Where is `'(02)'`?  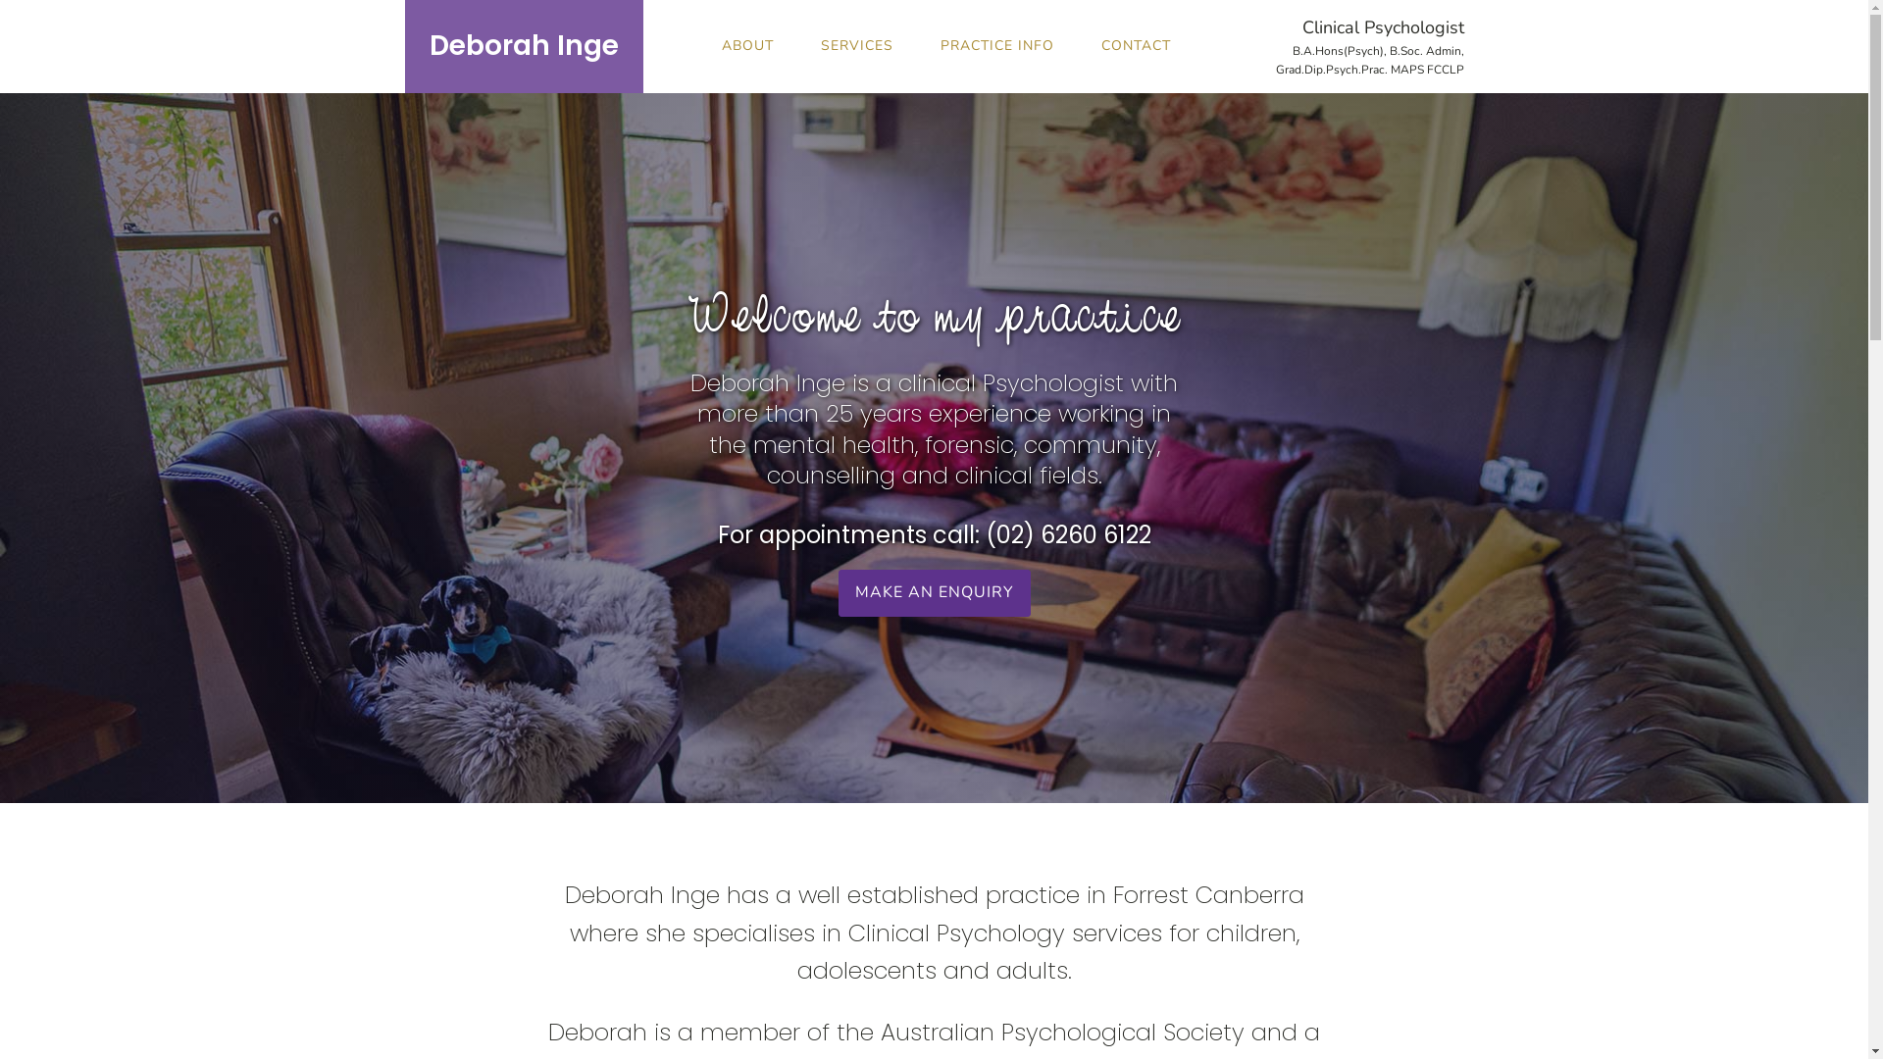 '(02)' is located at coordinates (1008, 534).